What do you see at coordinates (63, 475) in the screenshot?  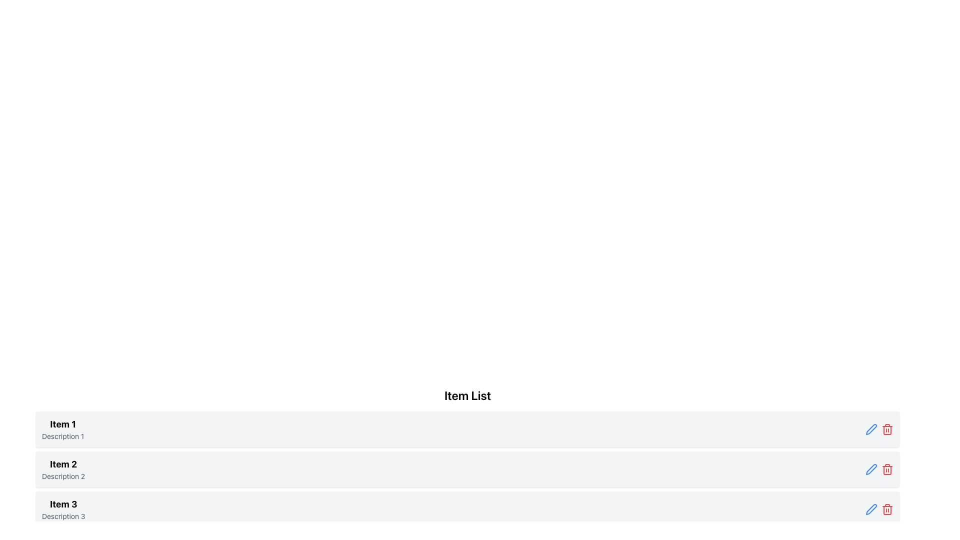 I see `the static text label that describes 'Item 2', which is located beneath the bolded 'Item 2' label in the middle segment of a vertically arranged list of items` at bounding box center [63, 475].